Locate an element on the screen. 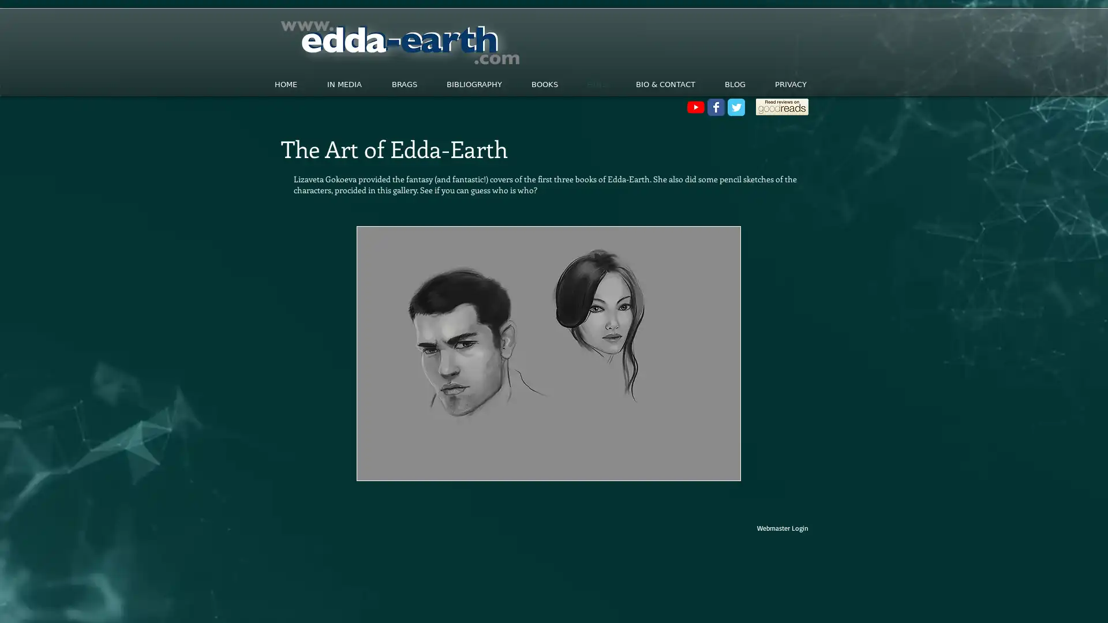 The height and width of the screenshot is (623, 1108). previous is located at coordinates (381, 353).